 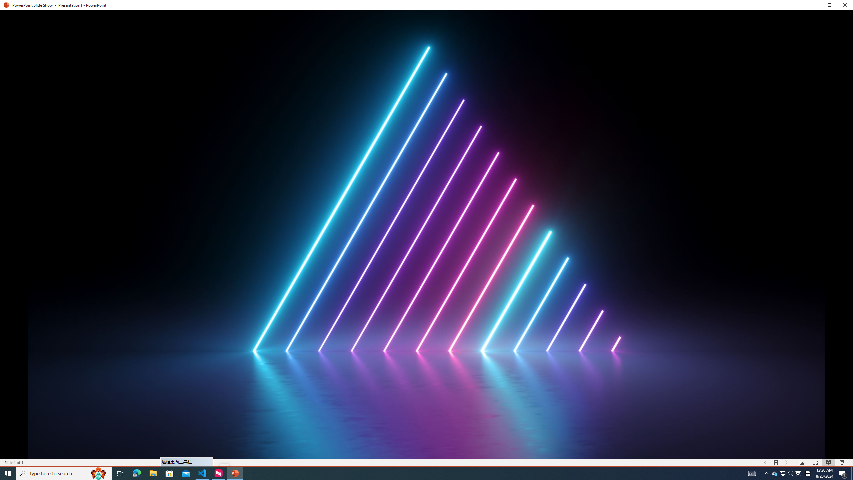 I want to click on 'Reading View', so click(x=828, y=462).